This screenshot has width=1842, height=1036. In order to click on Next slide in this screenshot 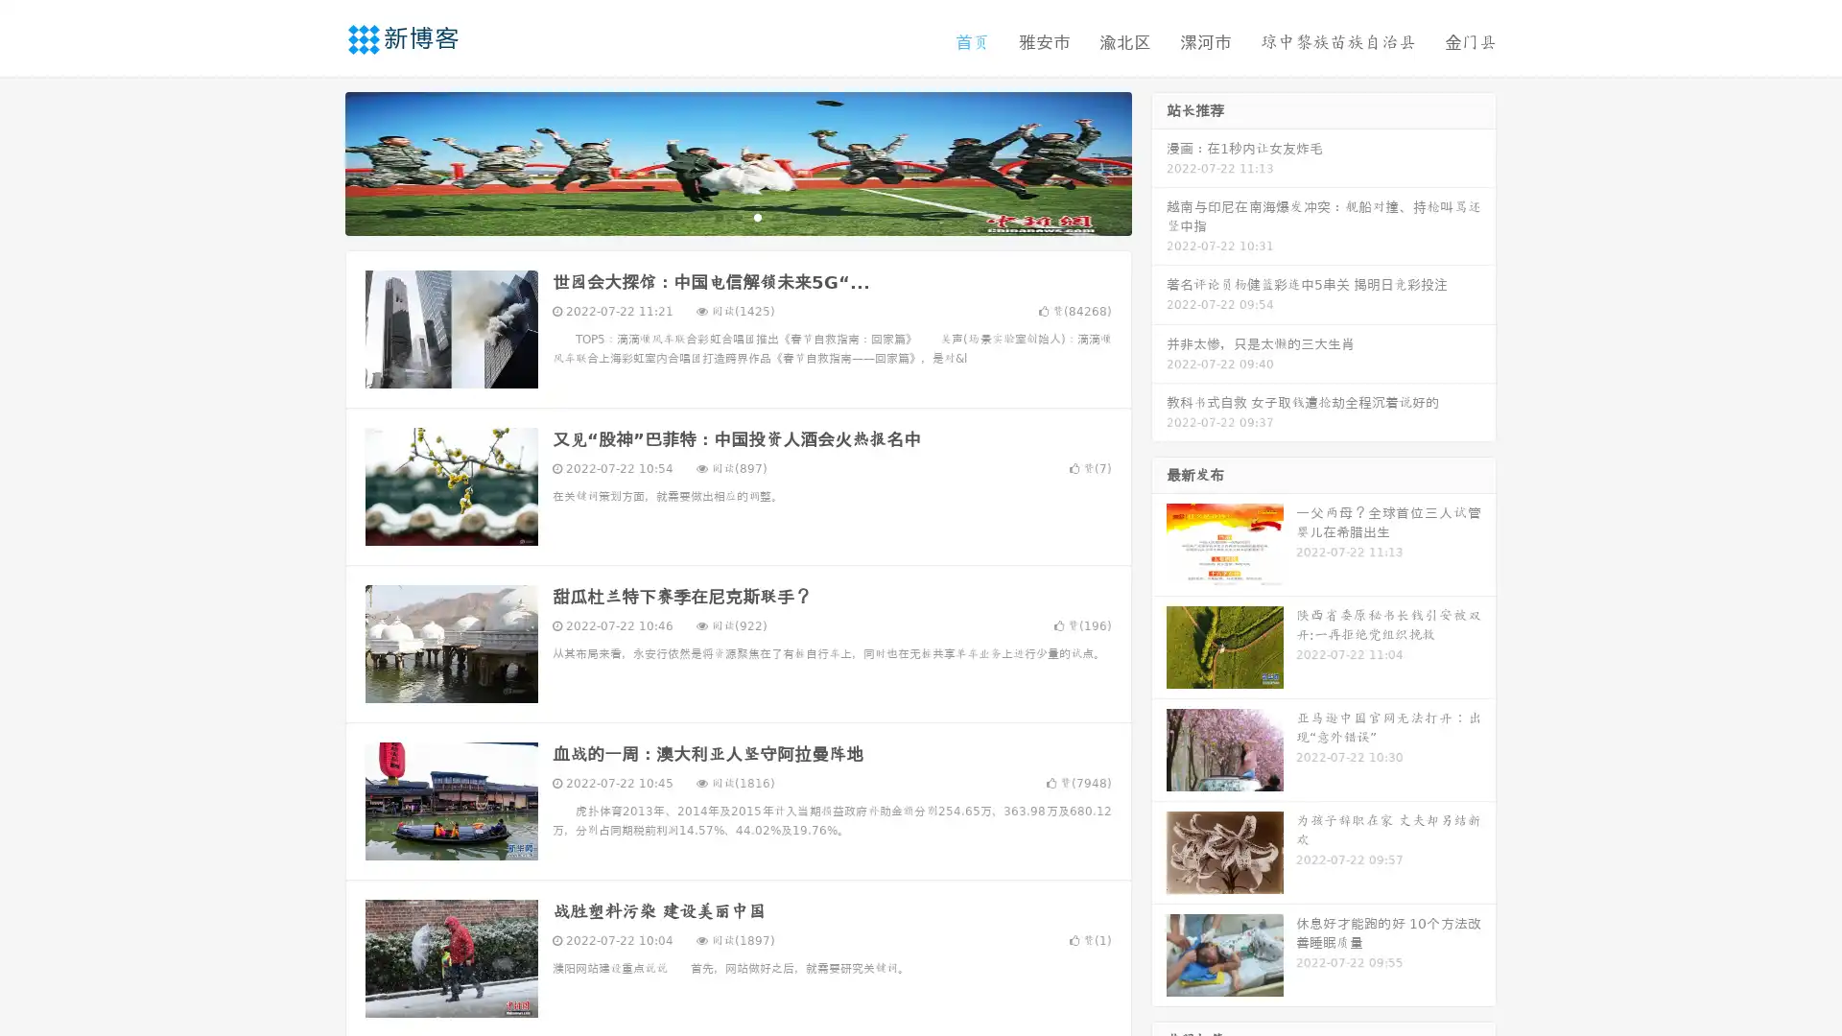, I will do `click(1159, 161)`.